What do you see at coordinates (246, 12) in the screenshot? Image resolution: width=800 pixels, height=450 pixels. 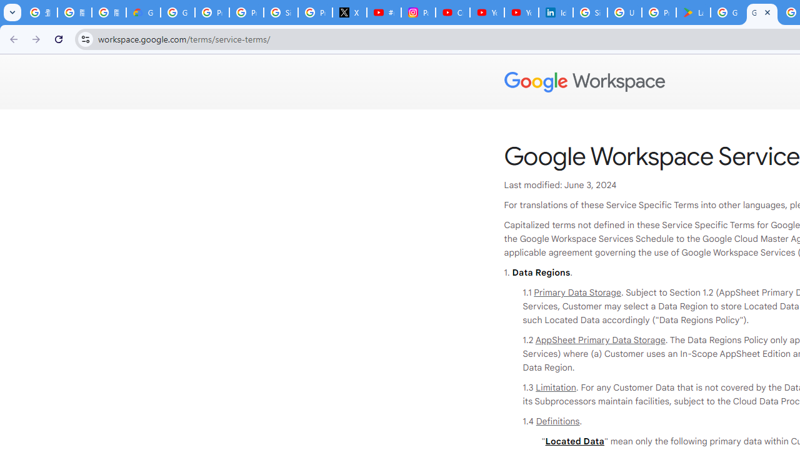 I see `'Privacy Help Center - Policies Help'` at bounding box center [246, 12].